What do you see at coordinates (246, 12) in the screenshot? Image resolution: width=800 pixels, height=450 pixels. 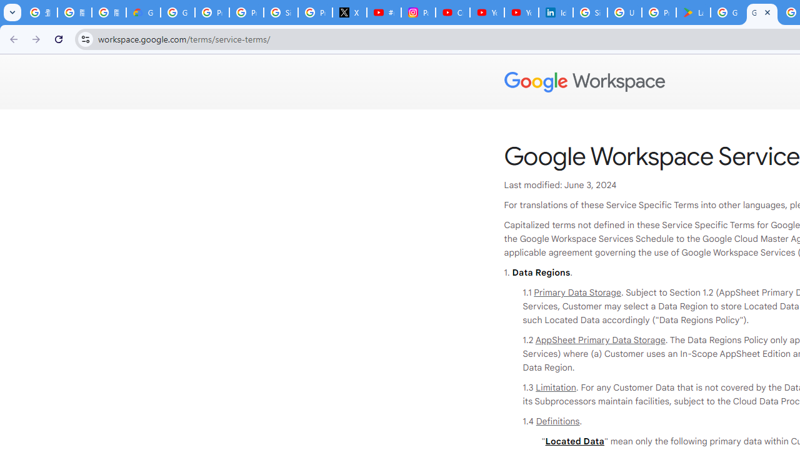 I see `'Privacy Help Center - Policies Help'` at bounding box center [246, 12].